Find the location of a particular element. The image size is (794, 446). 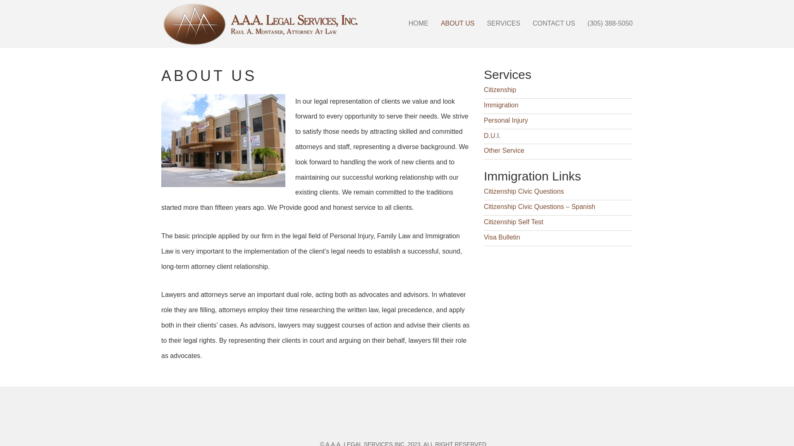

'Immigration' is located at coordinates (500, 104).